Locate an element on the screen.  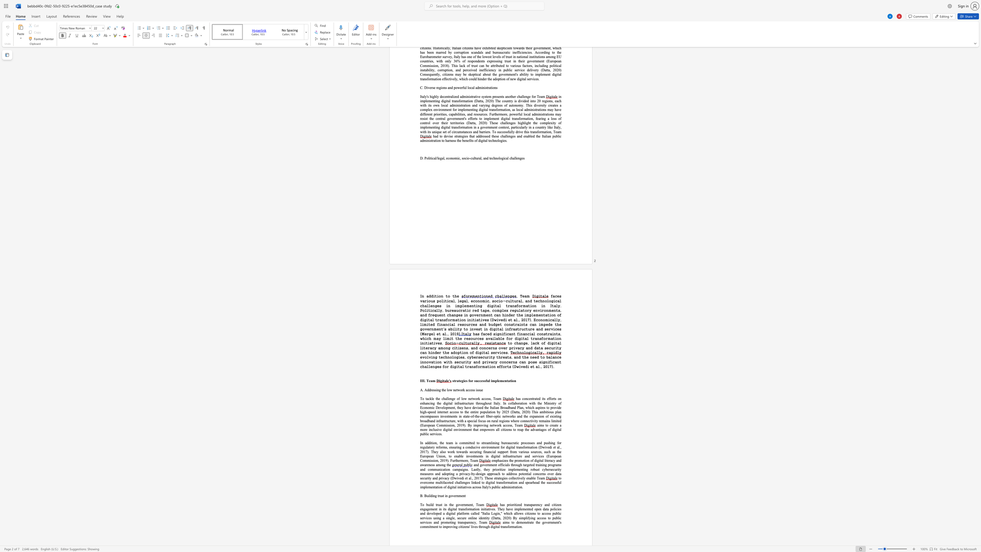
the subset text "concerns can p" within the text "evolving technologies, cybersecurity threats, and the need to balance innovation with security and privacy concerns can pose significant" is located at coordinates (499, 362).